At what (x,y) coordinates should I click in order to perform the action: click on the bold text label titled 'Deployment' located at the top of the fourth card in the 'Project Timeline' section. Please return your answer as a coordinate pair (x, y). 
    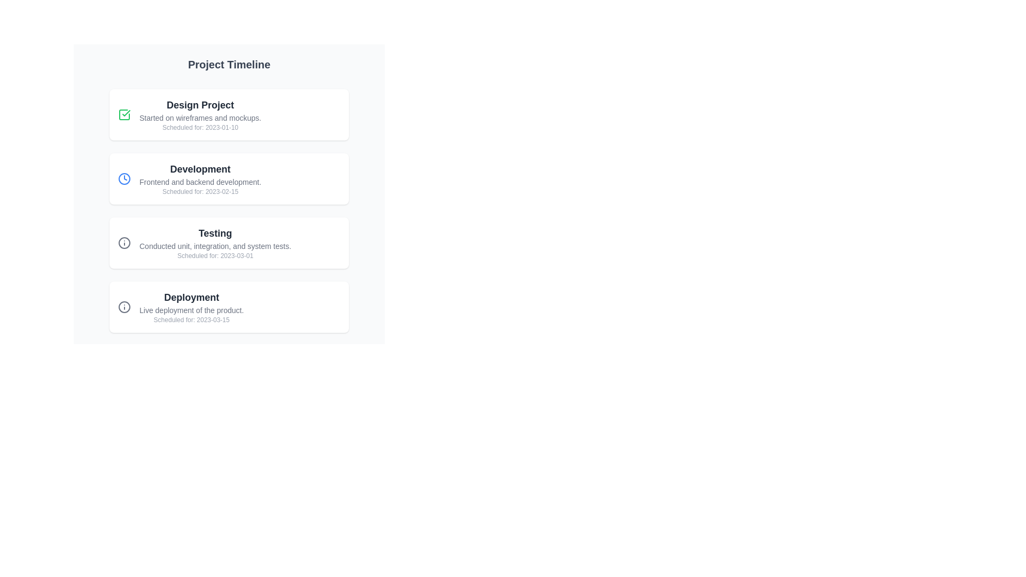
    Looking at the image, I should click on (191, 297).